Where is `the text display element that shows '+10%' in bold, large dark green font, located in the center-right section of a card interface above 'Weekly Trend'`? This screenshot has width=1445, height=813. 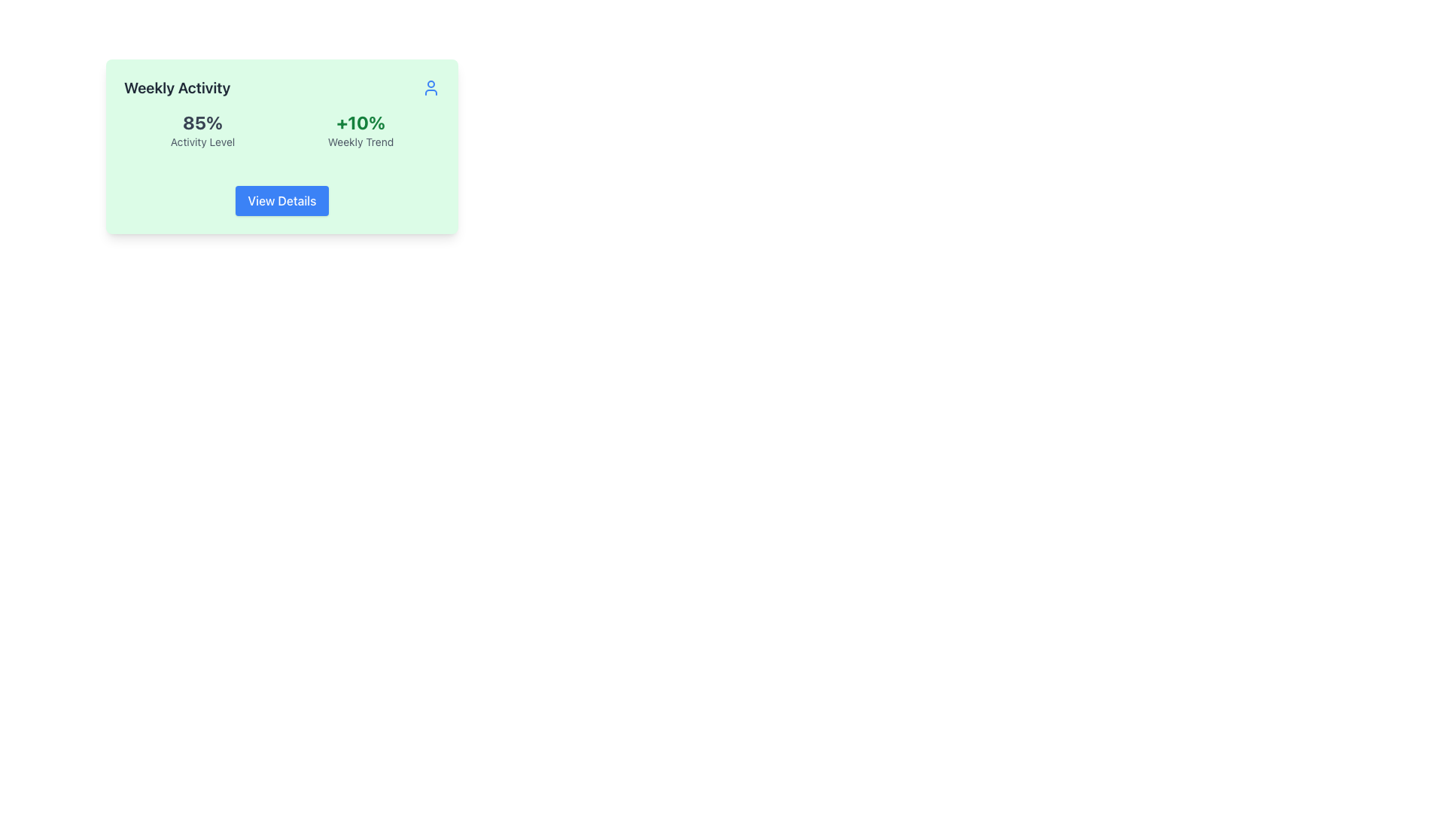 the text display element that shows '+10%' in bold, large dark green font, located in the center-right section of a card interface above 'Weekly Trend' is located at coordinates (360, 121).